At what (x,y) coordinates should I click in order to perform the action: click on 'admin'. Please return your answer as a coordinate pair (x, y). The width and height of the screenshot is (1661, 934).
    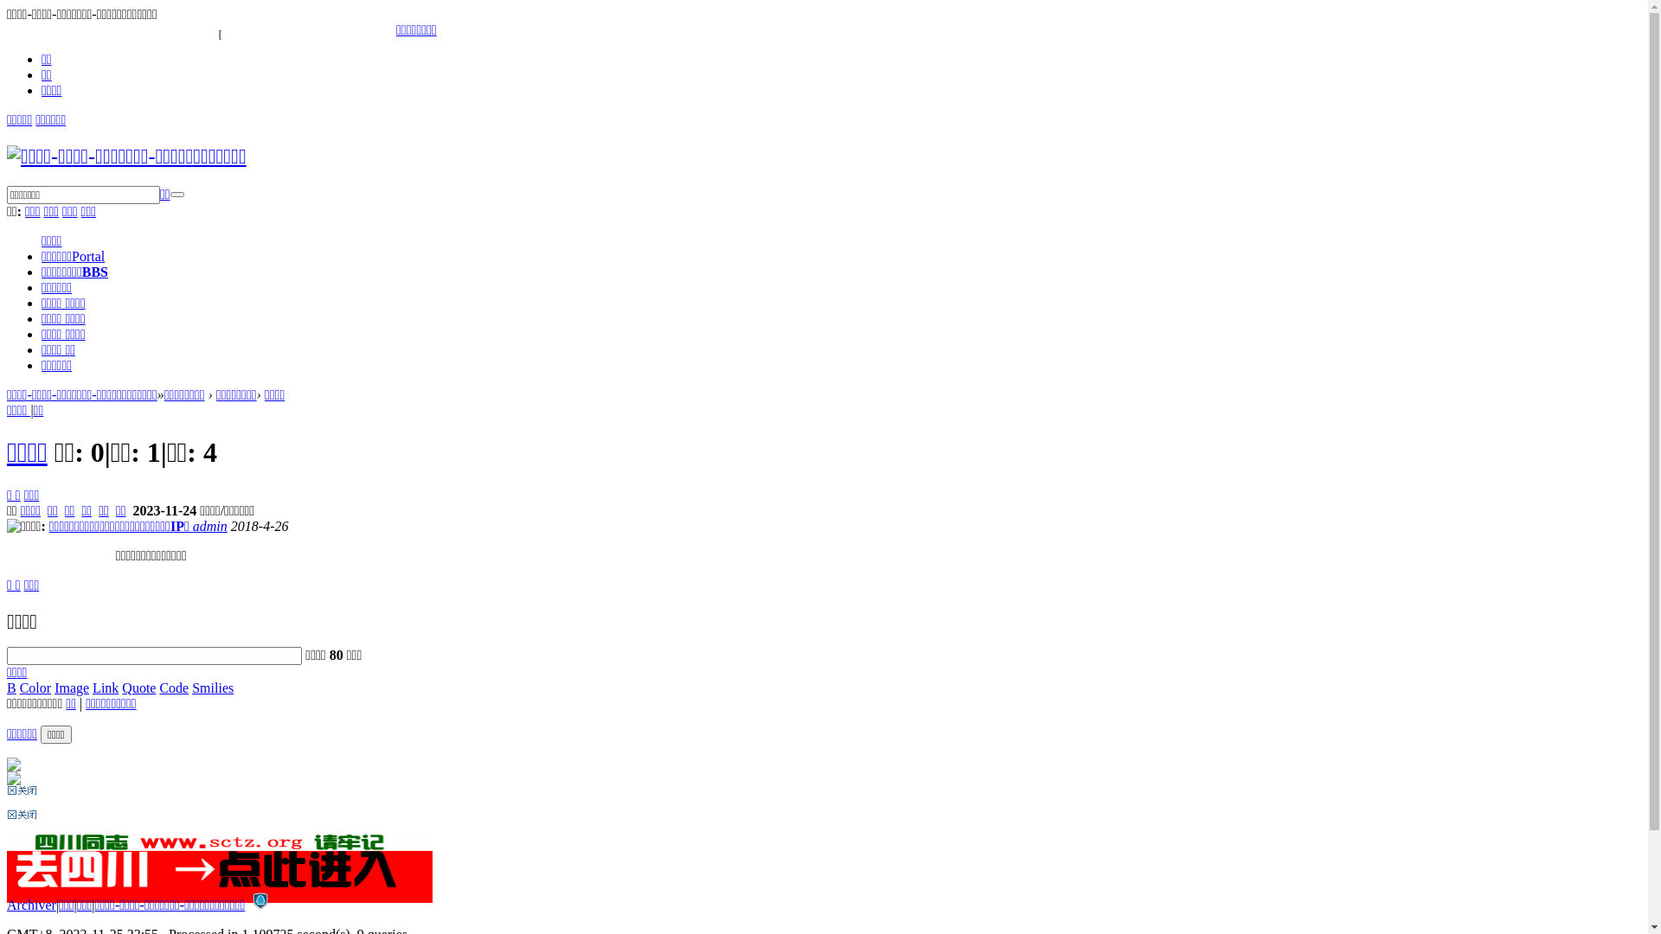
    Looking at the image, I should click on (192, 525).